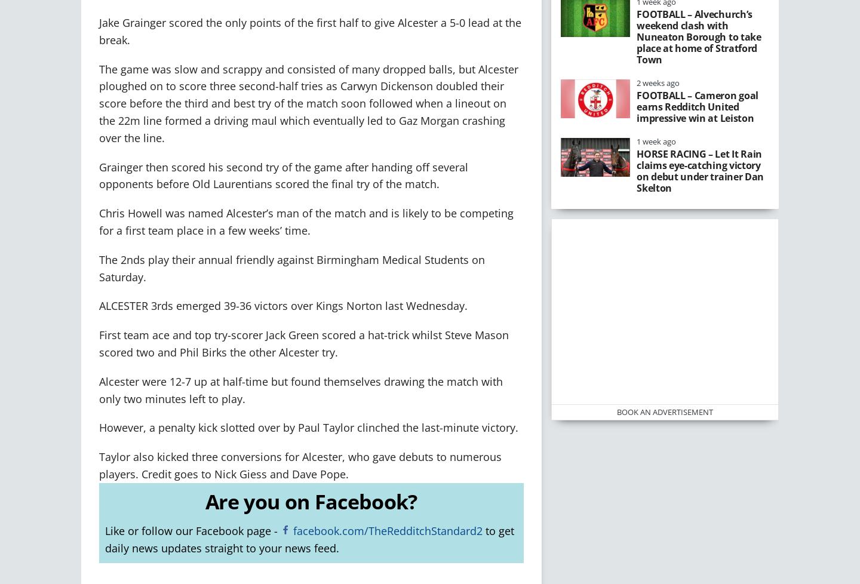 This screenshot has width=860, height=584. What do you see at coordinates (308, 427) in the screenshot?
I see `'However, a penalty kick slotted over by Paul Taylor clinched the last-minute victory.'` at bounding box center [308, 427].